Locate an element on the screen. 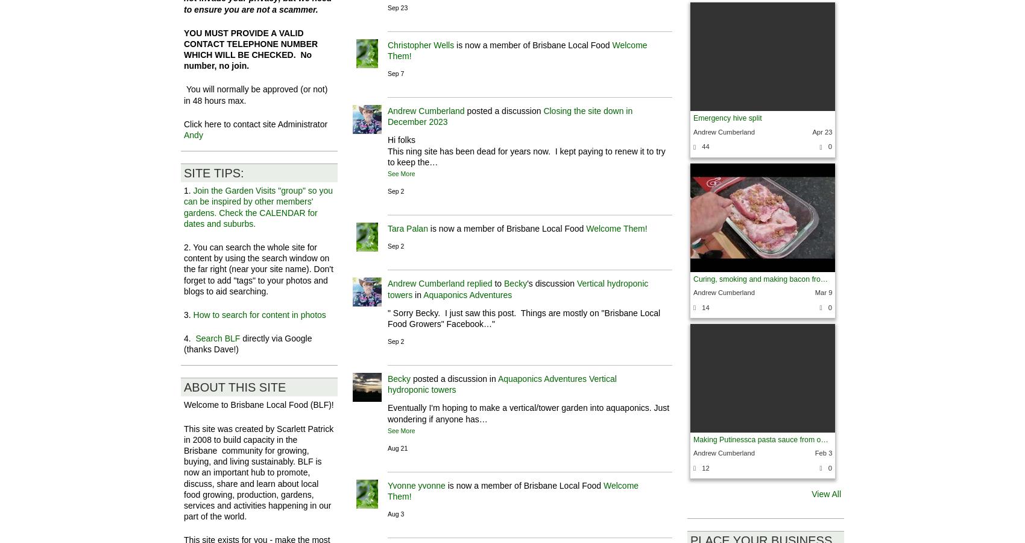  'About this site' is located at coordinates (234, 387).